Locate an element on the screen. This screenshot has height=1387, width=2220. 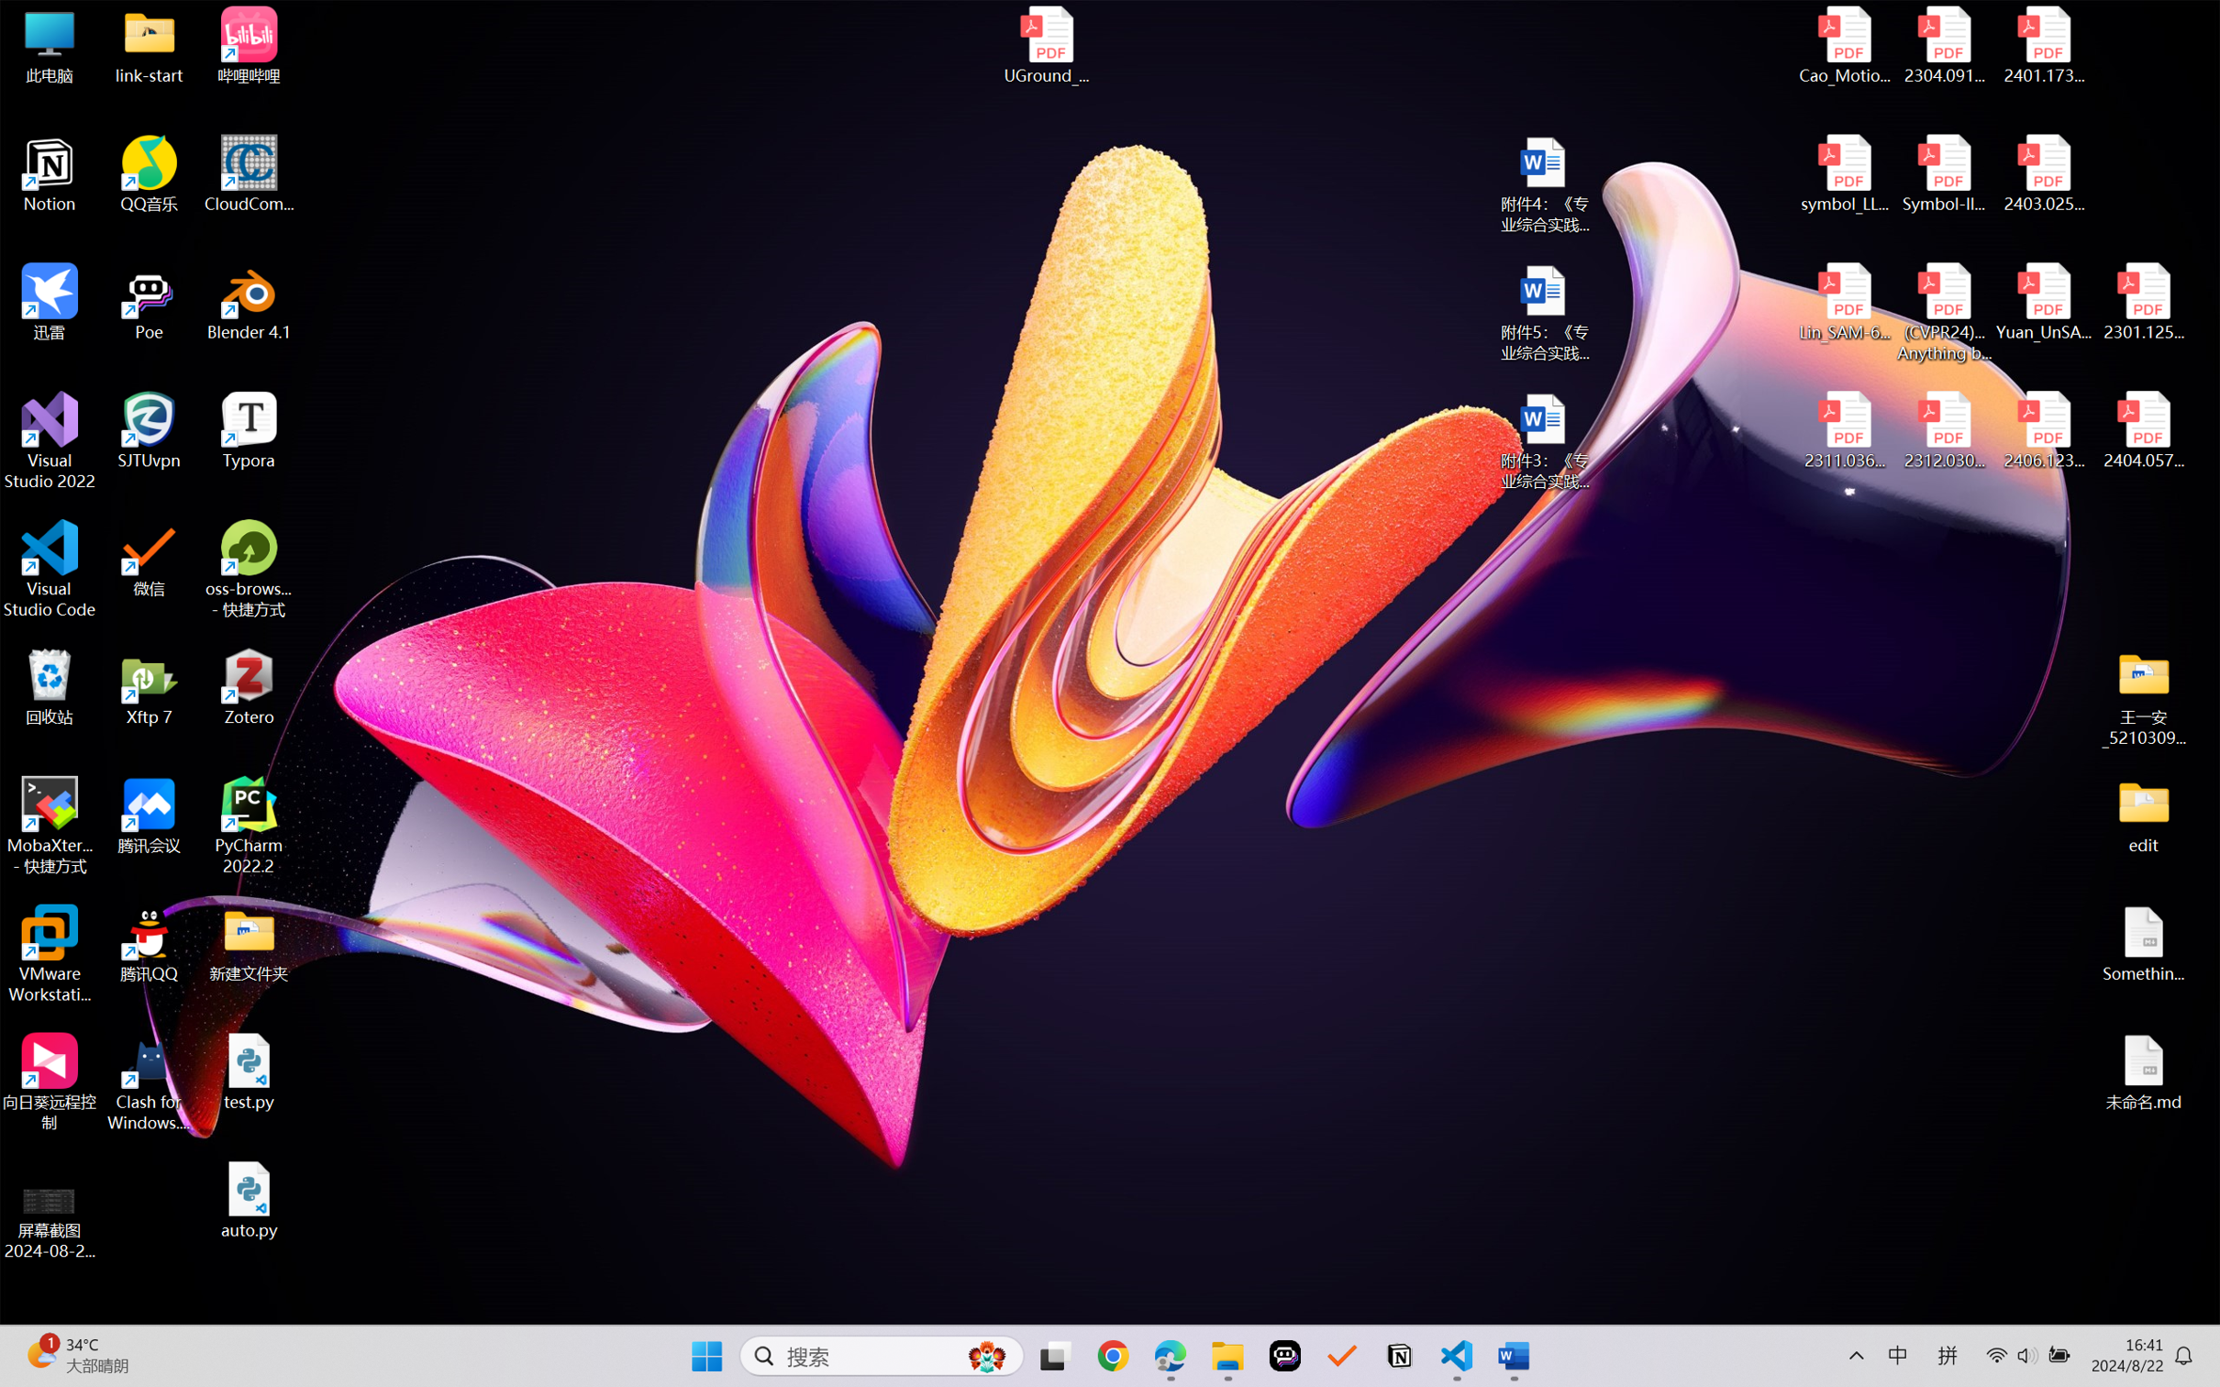
'(CVPR24)Matching Anything by Segmenting Anything.pdf' is located at coordinates (1943, 312).